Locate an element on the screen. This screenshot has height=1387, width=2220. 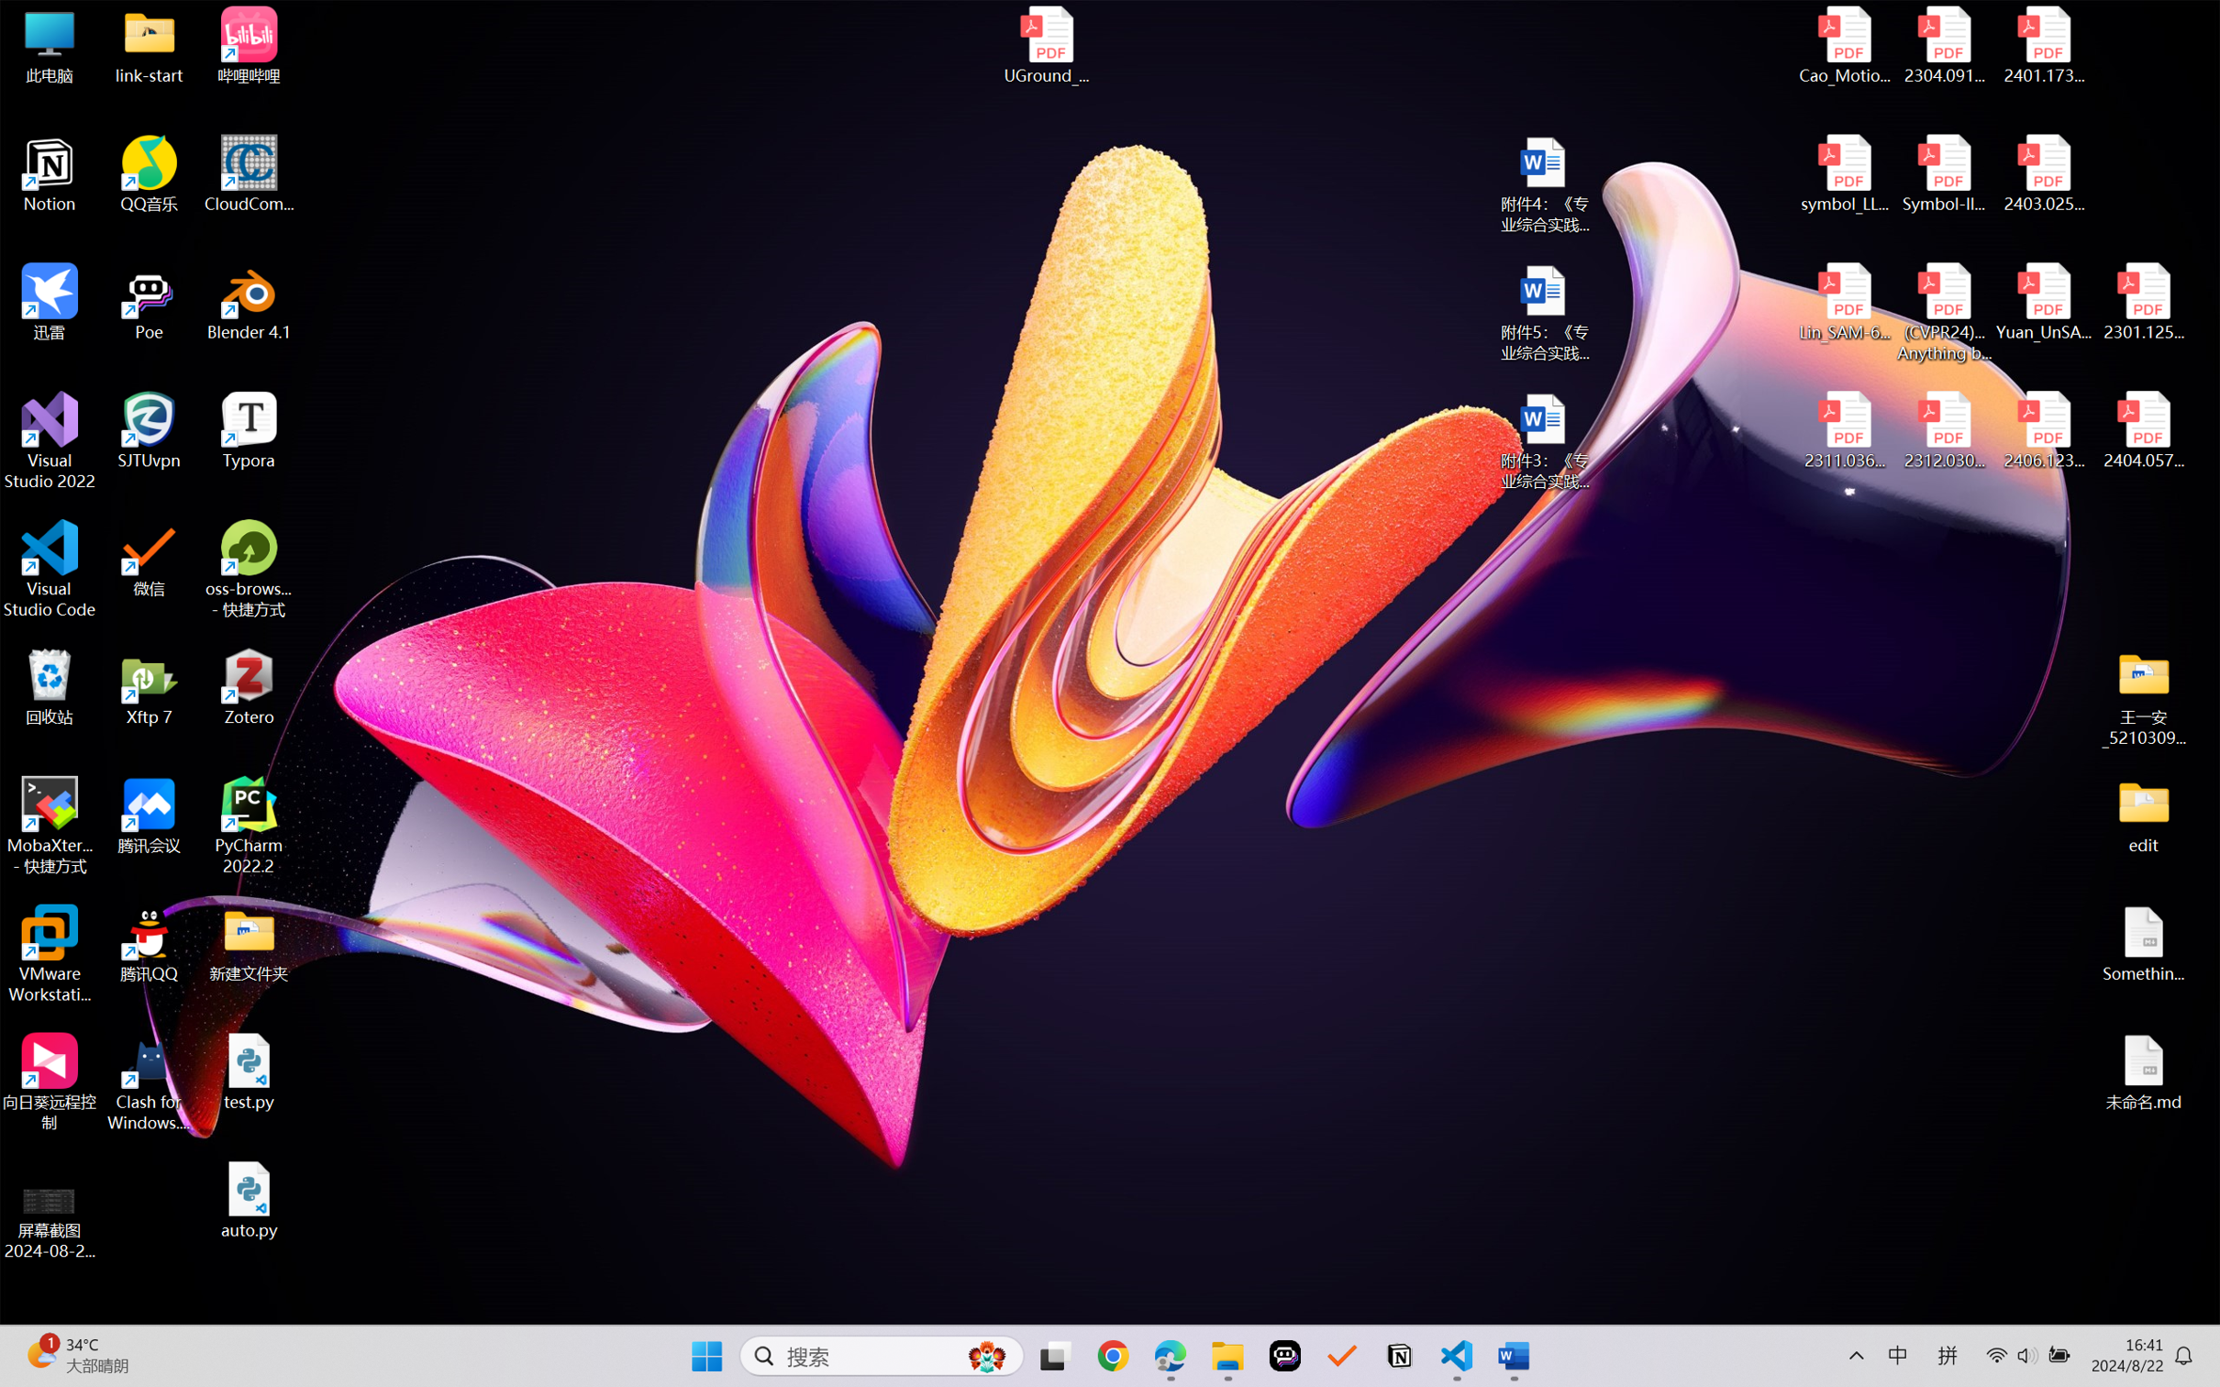
'(CVPR24)Matching Anything by Segmenting Anything.pdf' is located at coordinates (1943, 312).